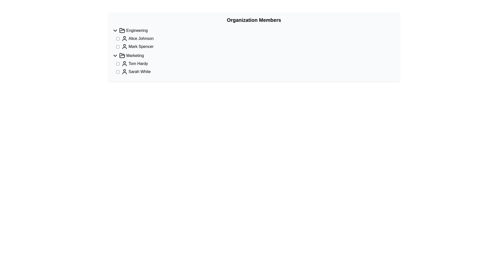  What do you see at coordinates (117, 63) in the screenshot?
I see `the checkbox next to 'Tom Hardy'` at bounding box center [117, 63].